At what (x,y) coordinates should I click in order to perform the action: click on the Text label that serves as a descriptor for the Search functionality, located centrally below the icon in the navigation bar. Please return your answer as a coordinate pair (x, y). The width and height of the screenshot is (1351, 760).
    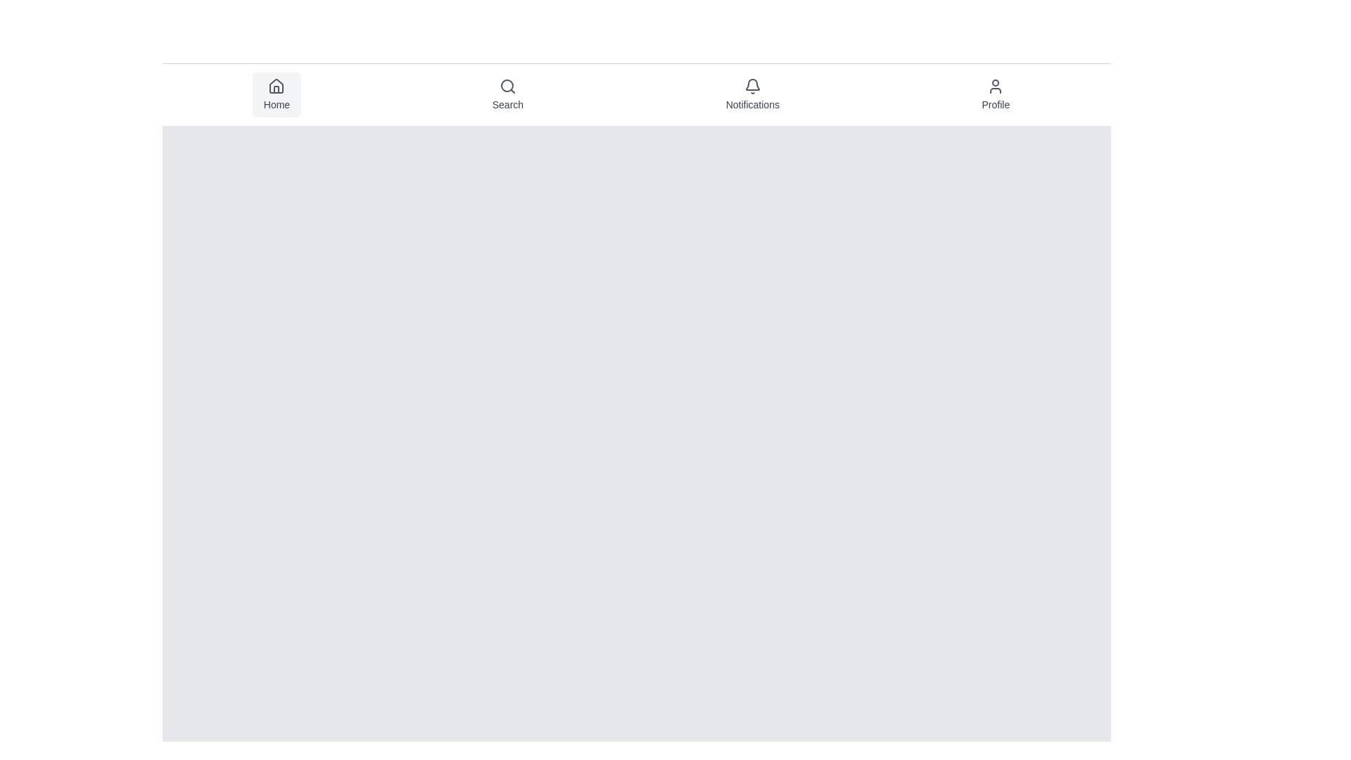
    Looking at the image, I should click on (507, 104).